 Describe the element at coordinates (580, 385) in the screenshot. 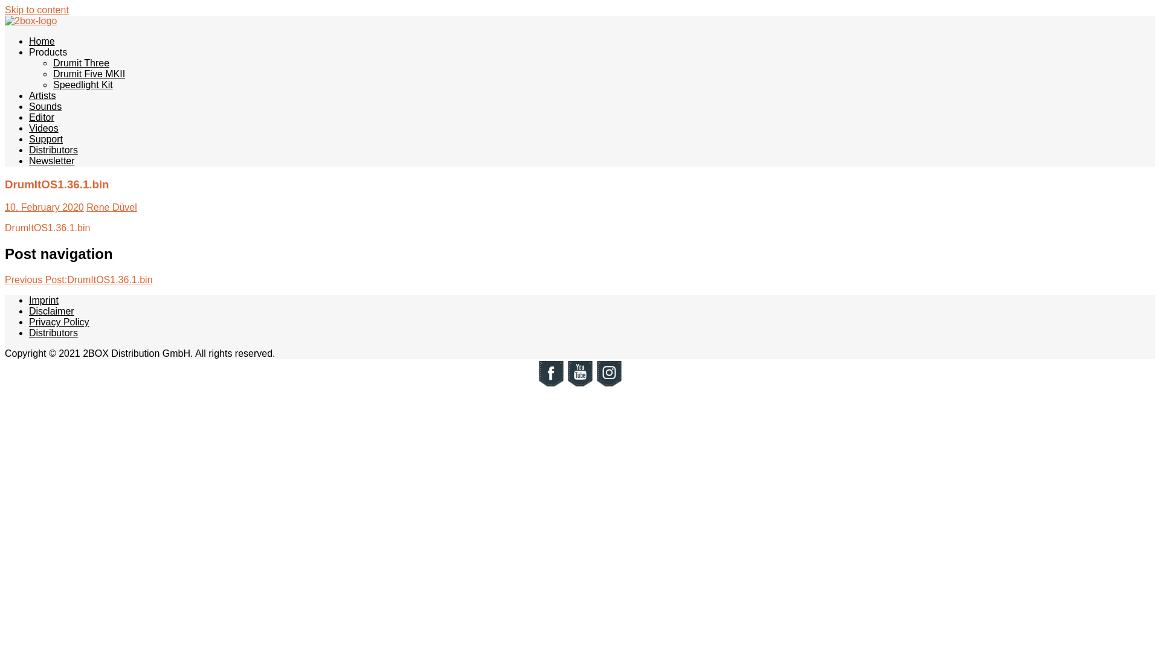

I see `'Visit Us On Youtube'` at that location.